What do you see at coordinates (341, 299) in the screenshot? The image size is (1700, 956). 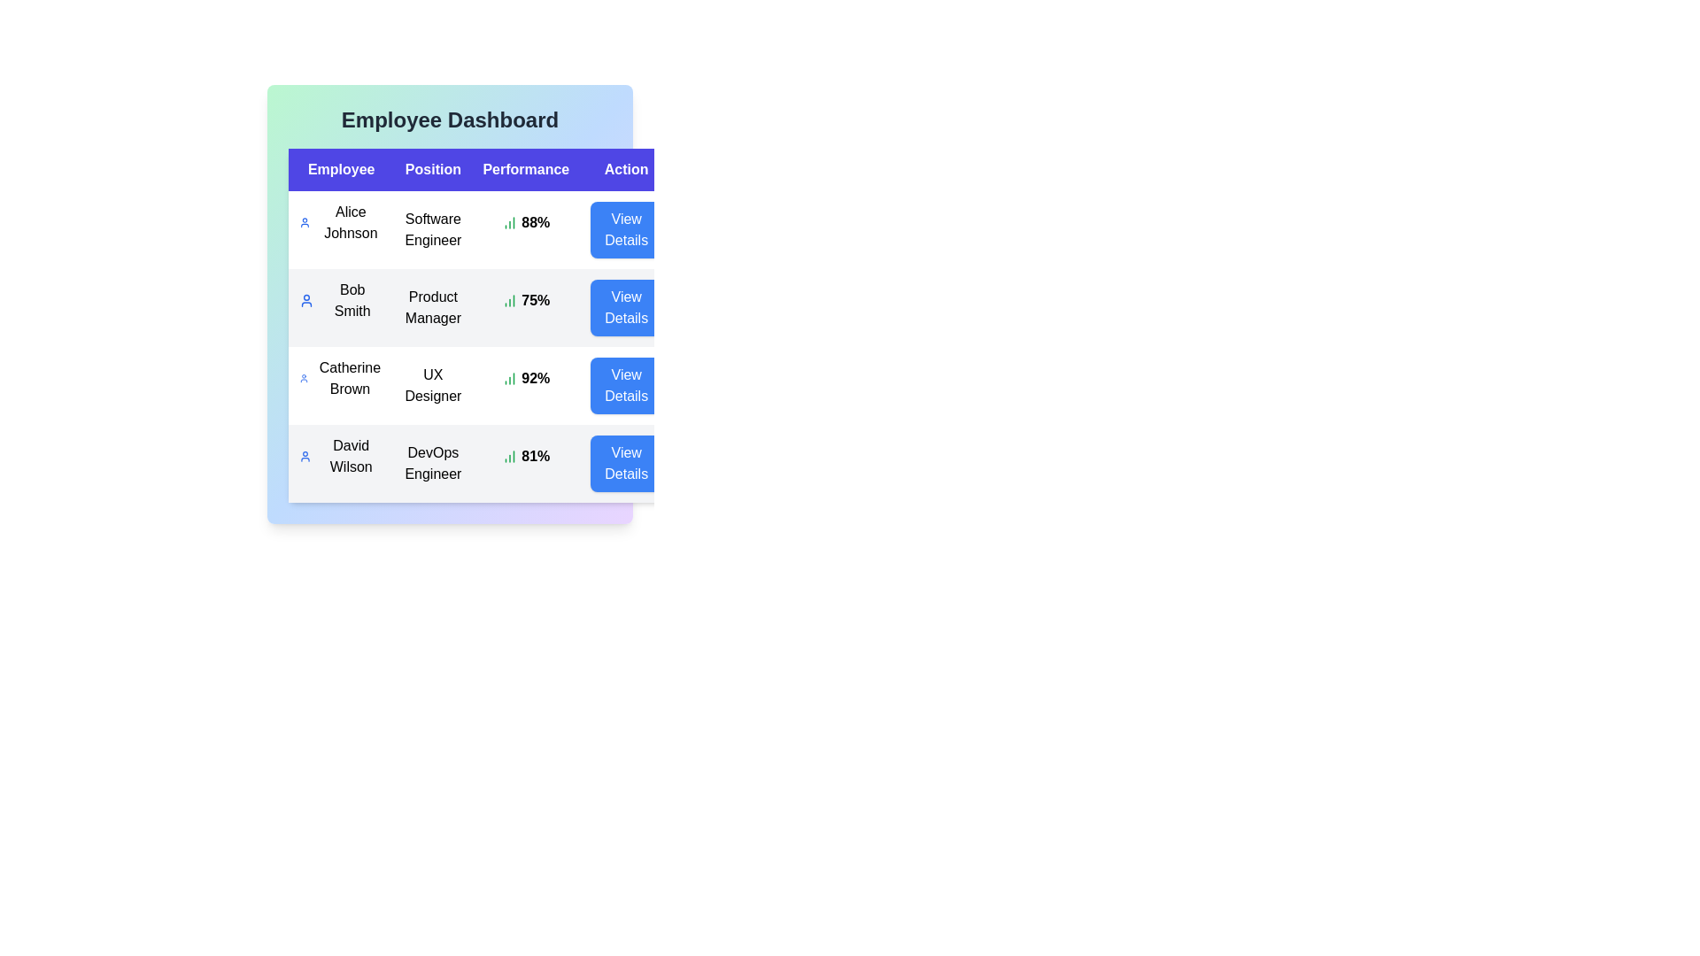 I see `the Bob Smith row to observe potential tooltips or visual feedback` at bounding box center [341, 299].